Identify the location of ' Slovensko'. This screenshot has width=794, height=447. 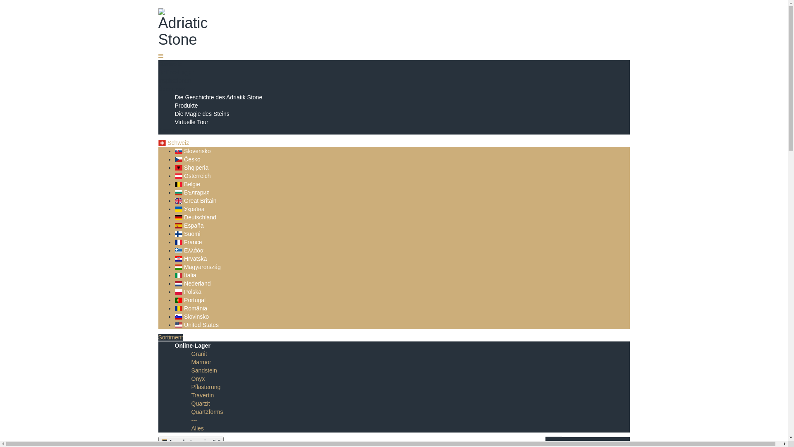
(192, 151).